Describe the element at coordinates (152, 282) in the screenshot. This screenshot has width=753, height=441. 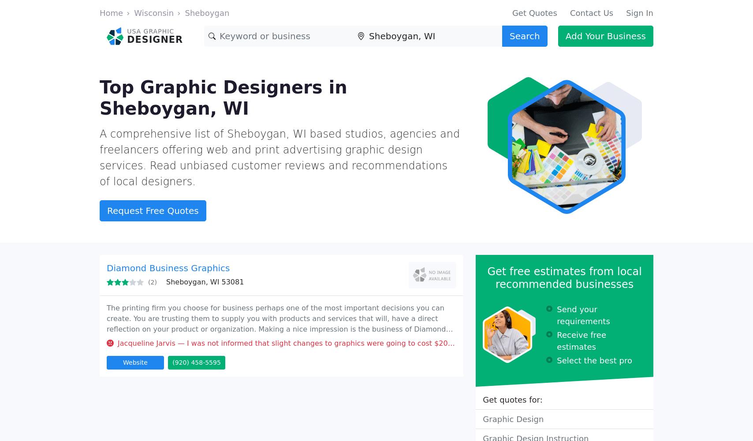
I see `'(2)'` at that location.